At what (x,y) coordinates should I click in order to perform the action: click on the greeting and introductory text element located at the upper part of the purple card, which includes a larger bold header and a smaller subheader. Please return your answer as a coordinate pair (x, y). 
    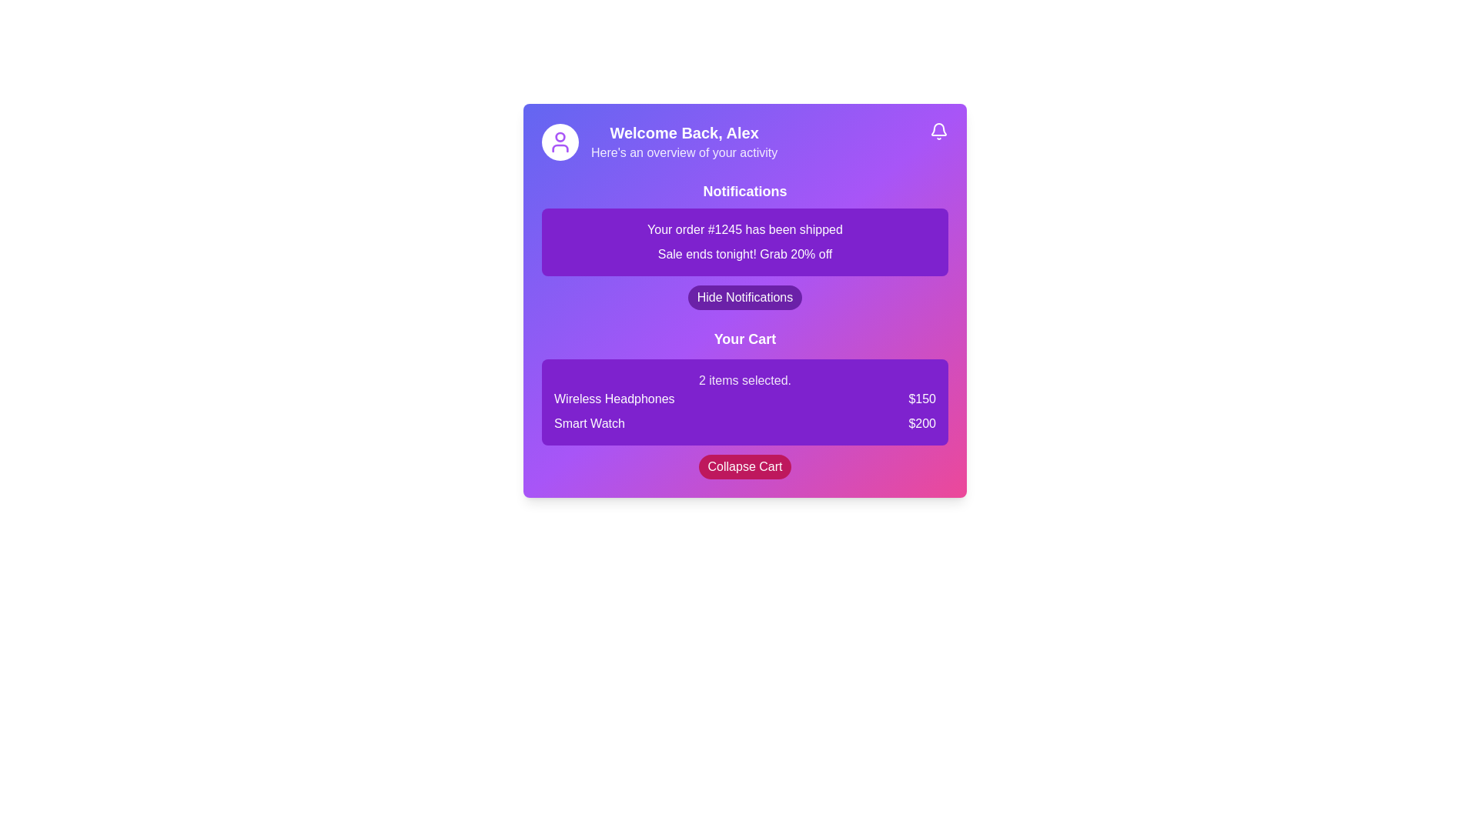
    Looking at the image, I should click on (684, 142).